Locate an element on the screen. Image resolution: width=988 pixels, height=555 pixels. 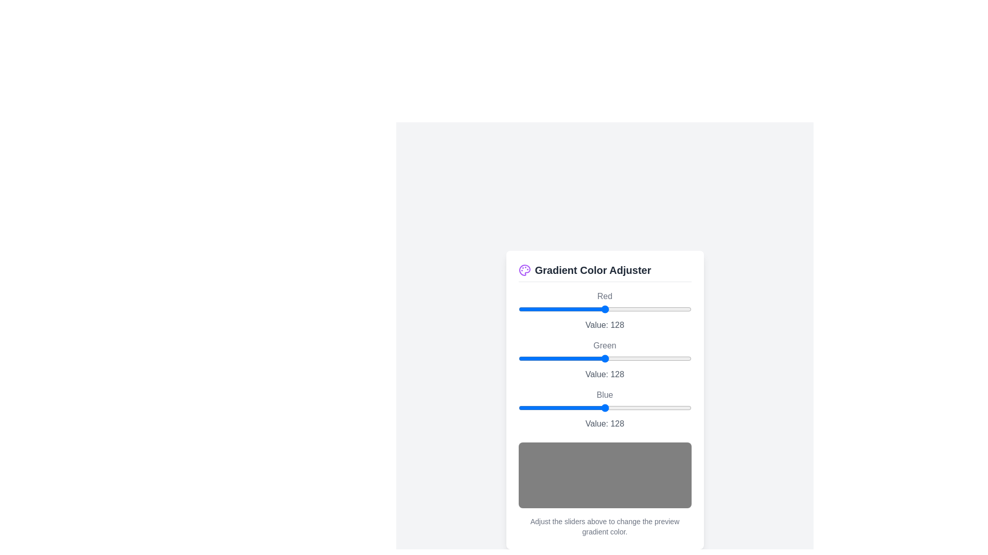
the informational text area to read the content is located at coordinates (605, 526).